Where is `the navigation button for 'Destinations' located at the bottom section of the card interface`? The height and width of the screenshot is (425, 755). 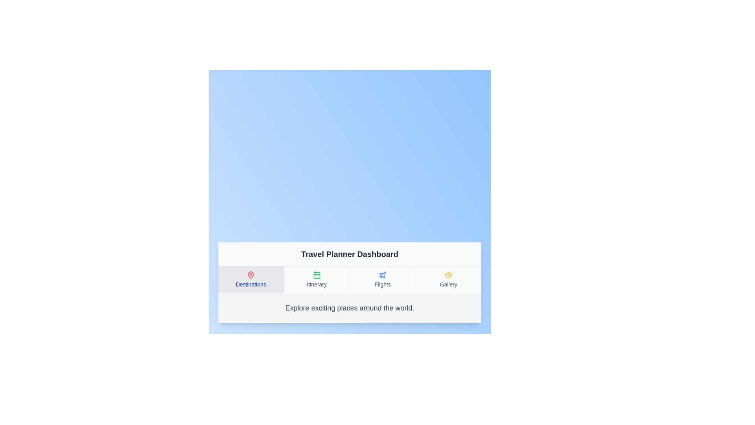 the navigation button for 'Destinations' located at the bottom section of the card interface is located at coordinates (250, 279).